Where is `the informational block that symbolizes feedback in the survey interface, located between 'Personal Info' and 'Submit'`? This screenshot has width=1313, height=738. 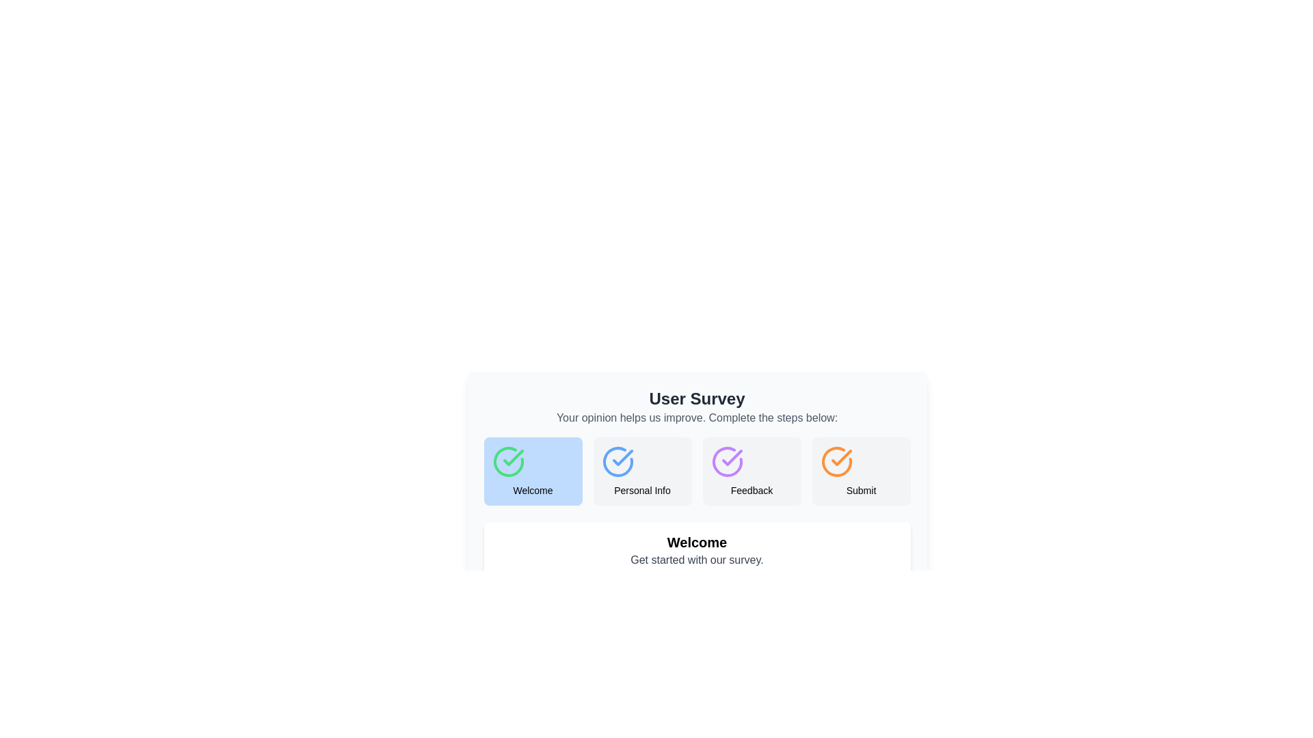 the informational block that symbolizes feedback in the survey interface, located between 'Personal Info' and 'Submit' is located at coordinates (751, 471).